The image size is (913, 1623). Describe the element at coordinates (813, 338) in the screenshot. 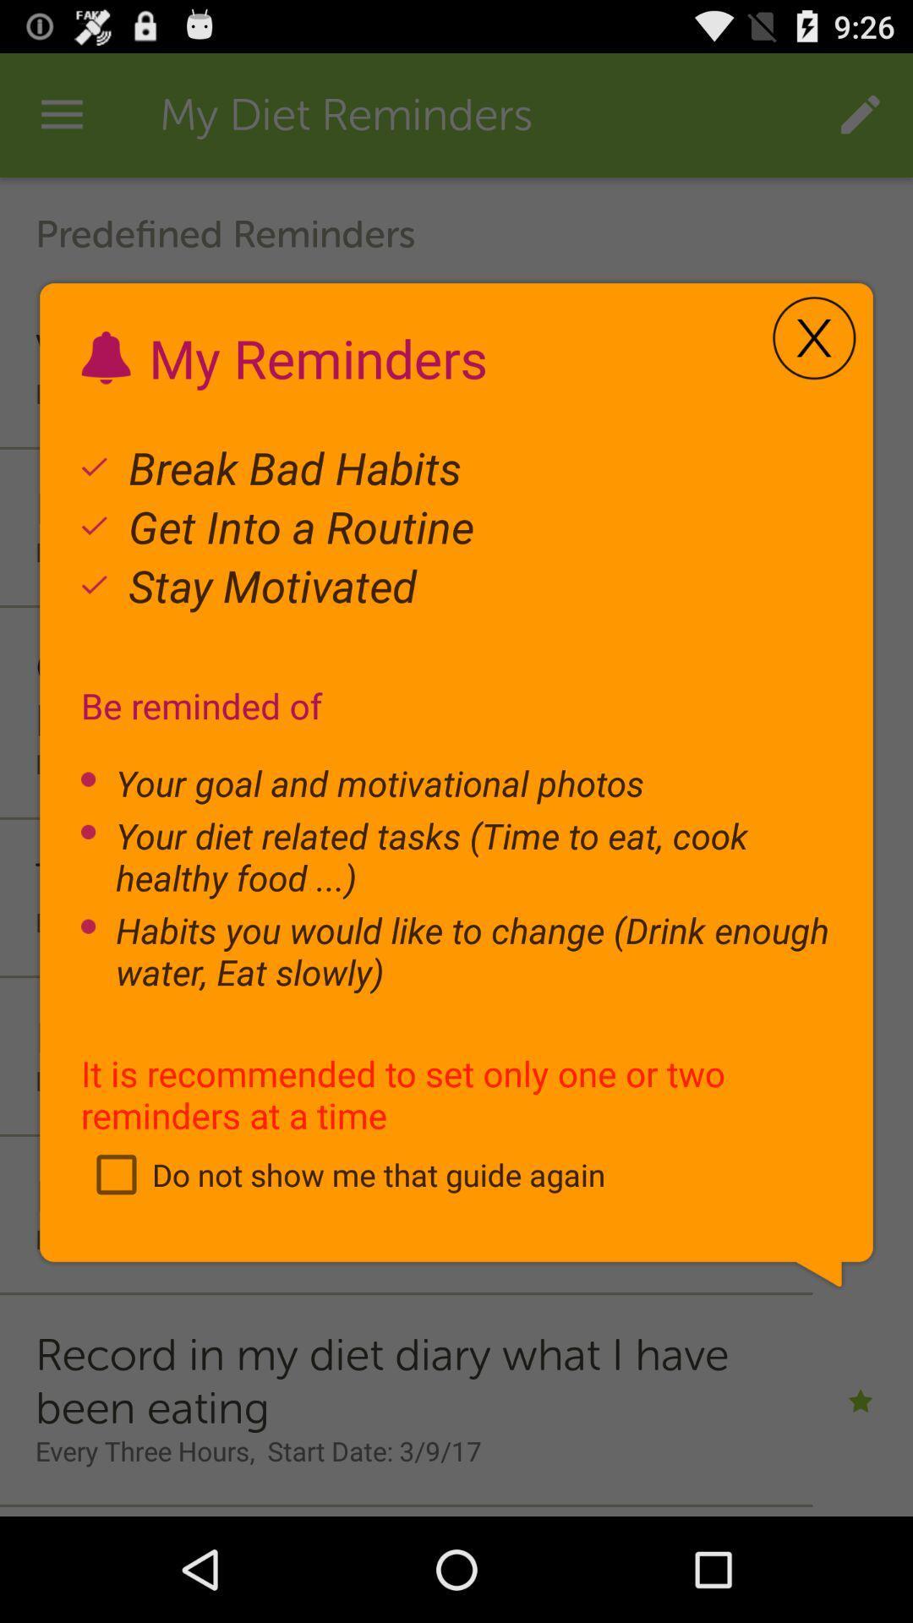

I see `icon to the right of my reminders icon` at that location.